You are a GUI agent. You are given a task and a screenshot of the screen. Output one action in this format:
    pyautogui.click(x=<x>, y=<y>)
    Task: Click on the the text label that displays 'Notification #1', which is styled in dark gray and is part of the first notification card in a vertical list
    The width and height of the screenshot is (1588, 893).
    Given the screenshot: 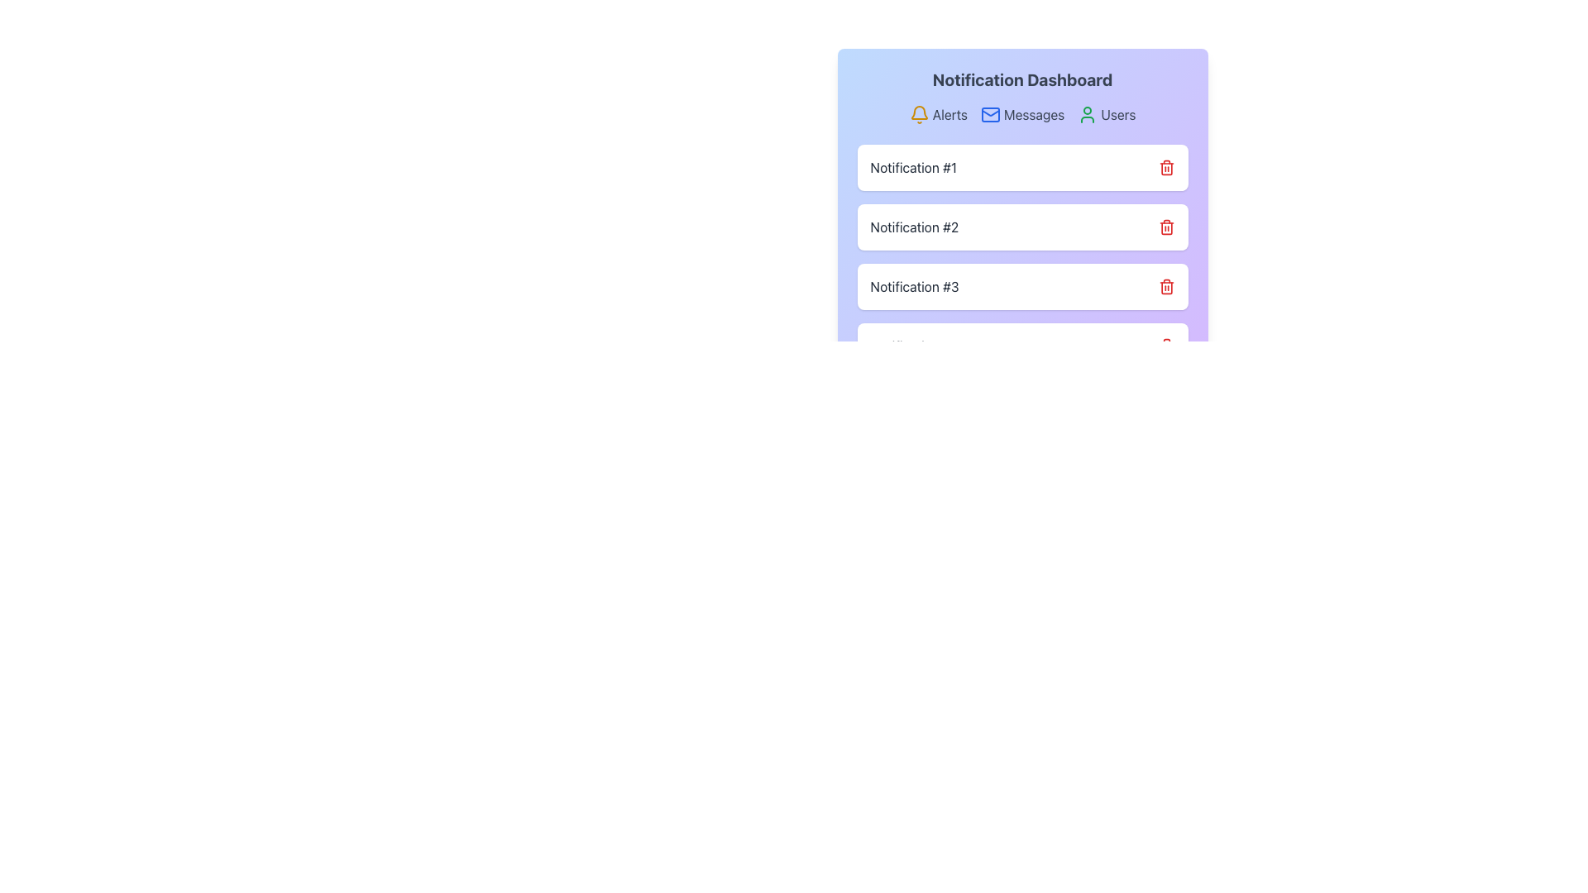 What is the action you would take?
    pyautogui.click(x=912, y=168)
    